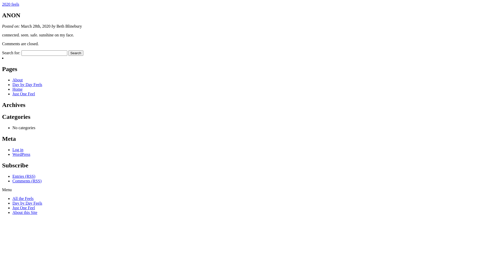 Image resolution: width=497 pixels, height=279 pixels. Describe the element at coordinates (12, 198) in the screenshot. I see `'All the Feels'` at that location.